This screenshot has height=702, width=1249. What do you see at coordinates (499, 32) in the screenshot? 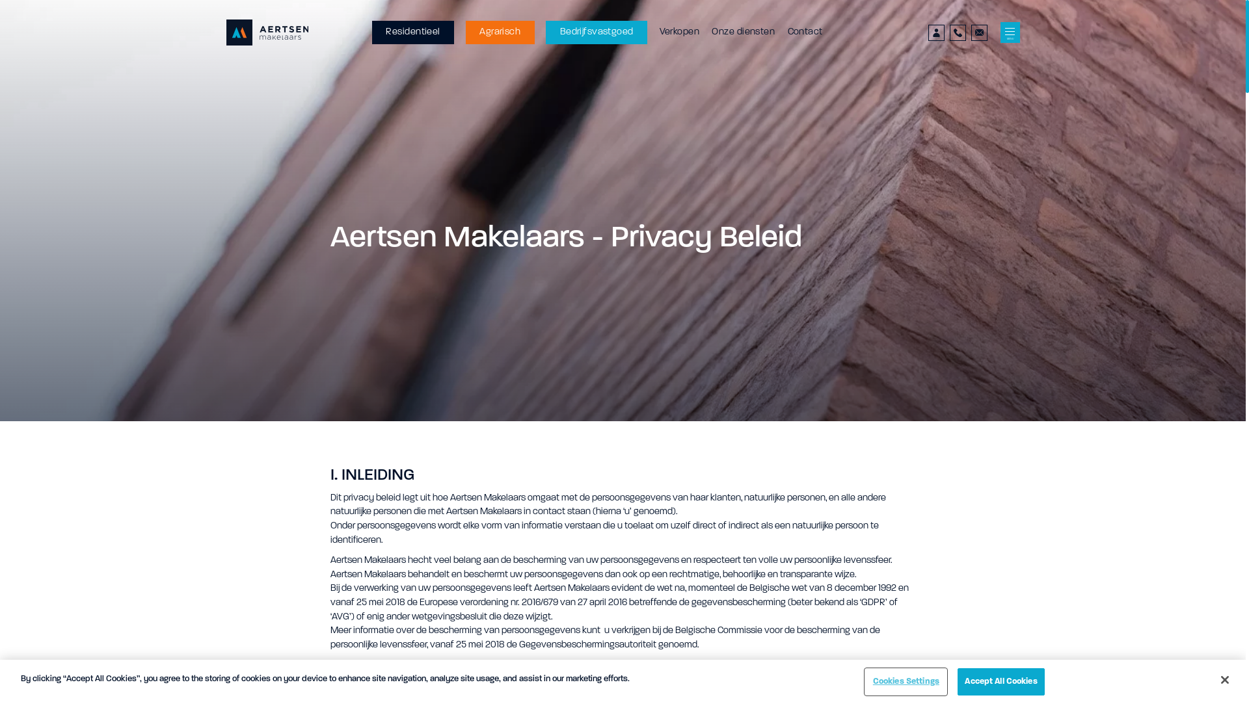
I see `'Agrarisch'` at bounding box center [499, 32].